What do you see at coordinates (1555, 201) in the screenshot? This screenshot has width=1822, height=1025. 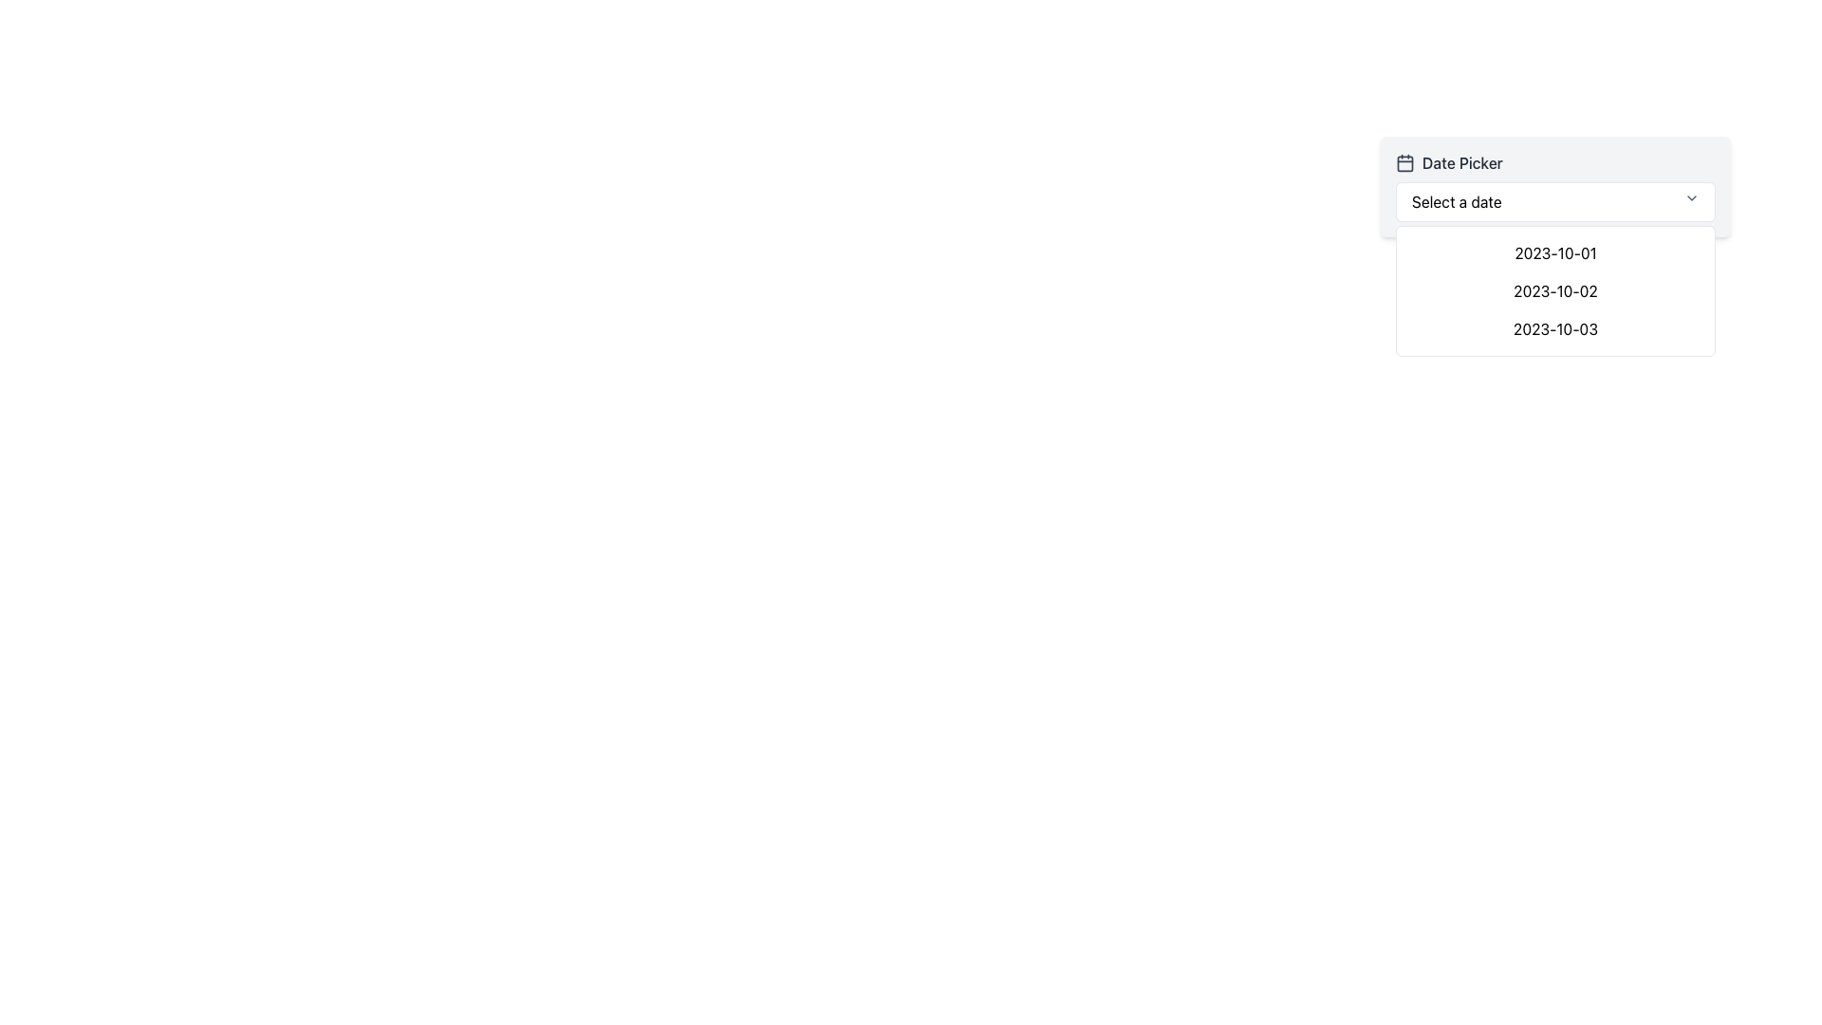 I see `the dropdown menu labeled 'Select a date'` at bounding box center [1555, 201].